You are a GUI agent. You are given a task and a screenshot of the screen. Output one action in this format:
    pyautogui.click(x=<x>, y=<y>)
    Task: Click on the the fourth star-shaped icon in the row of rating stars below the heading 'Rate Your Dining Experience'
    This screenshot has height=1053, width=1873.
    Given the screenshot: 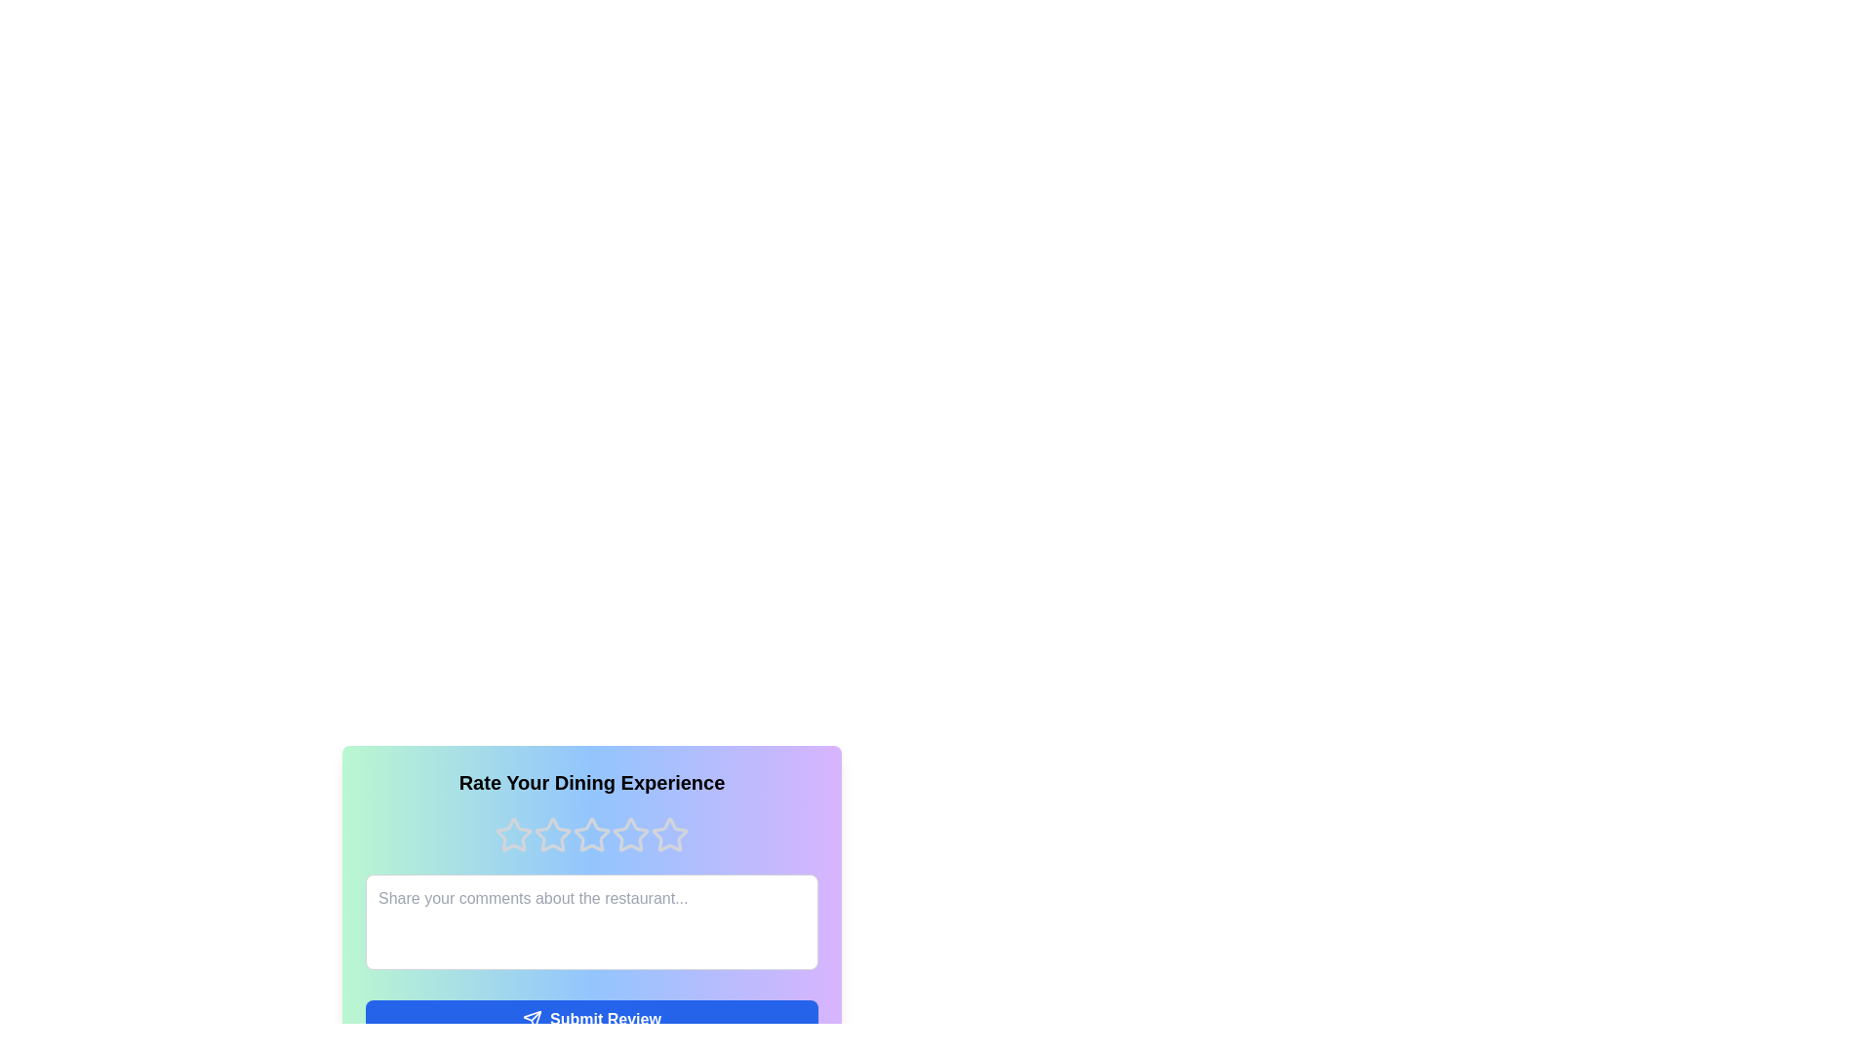 What is the action you would take?
    pyautogui.click(x=631, y=834)
    